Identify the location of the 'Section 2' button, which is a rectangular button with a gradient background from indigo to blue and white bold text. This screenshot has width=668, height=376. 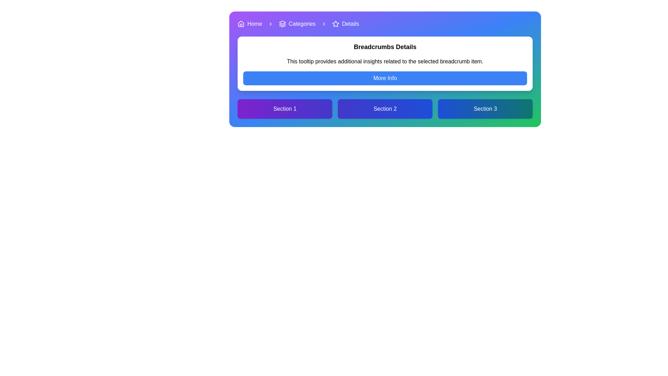
(385, 109).